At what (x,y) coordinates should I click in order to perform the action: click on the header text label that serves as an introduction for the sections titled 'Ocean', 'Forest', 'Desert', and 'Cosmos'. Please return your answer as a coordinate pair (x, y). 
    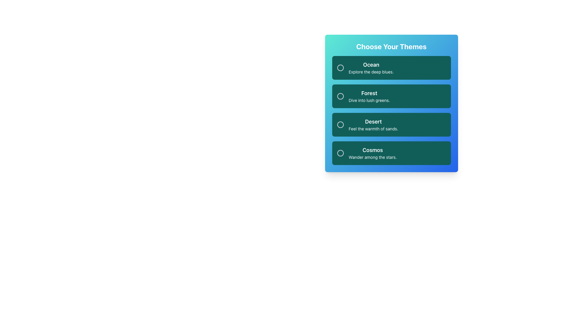
    Looking at the image, I should click on (391, 46).